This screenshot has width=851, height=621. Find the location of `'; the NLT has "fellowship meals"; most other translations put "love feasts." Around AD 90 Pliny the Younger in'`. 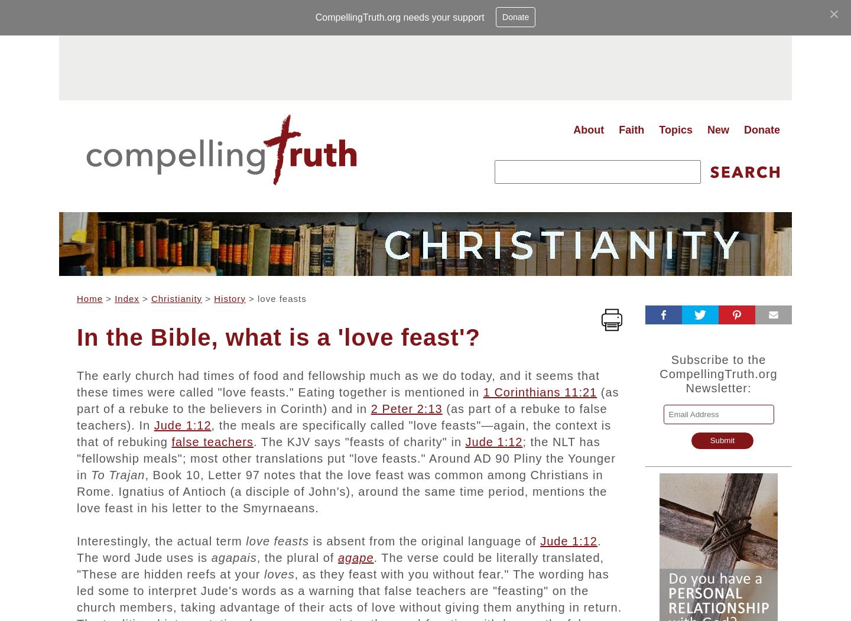

'; the NLT has "fellowship meals"; most other translations put "love feasts." Around AD 90 Pliny the Younger in' is located at coordinates (346, 457).